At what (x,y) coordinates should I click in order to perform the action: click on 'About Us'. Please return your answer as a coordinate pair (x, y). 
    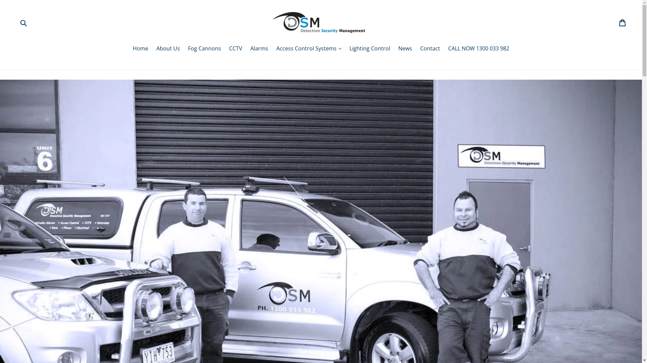
    Looking at the image, I should click on (168, 48).